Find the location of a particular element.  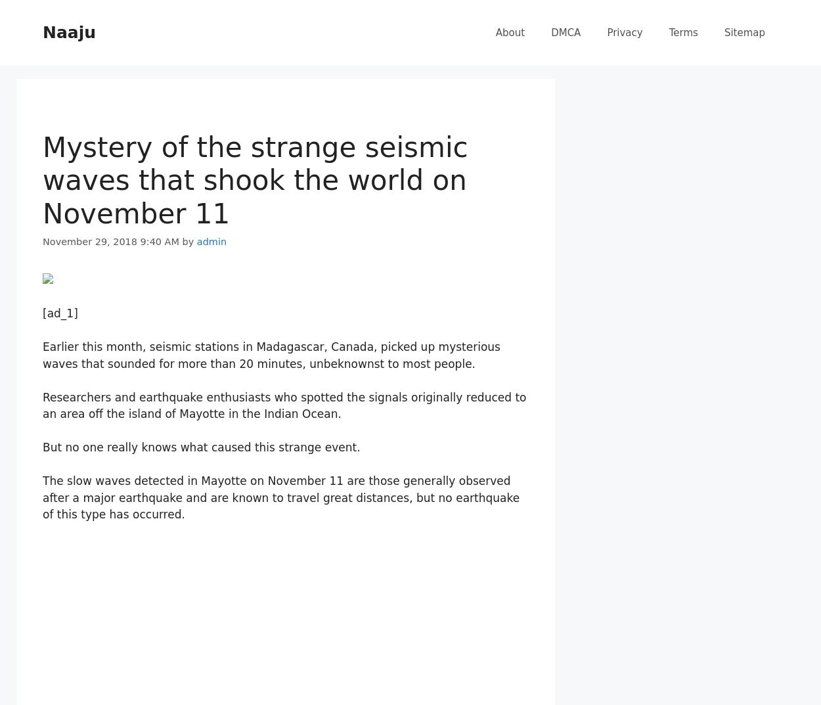

'Mystery of the strange seismic waves that shook the world on November 11' is located at coordinates (42, 179).